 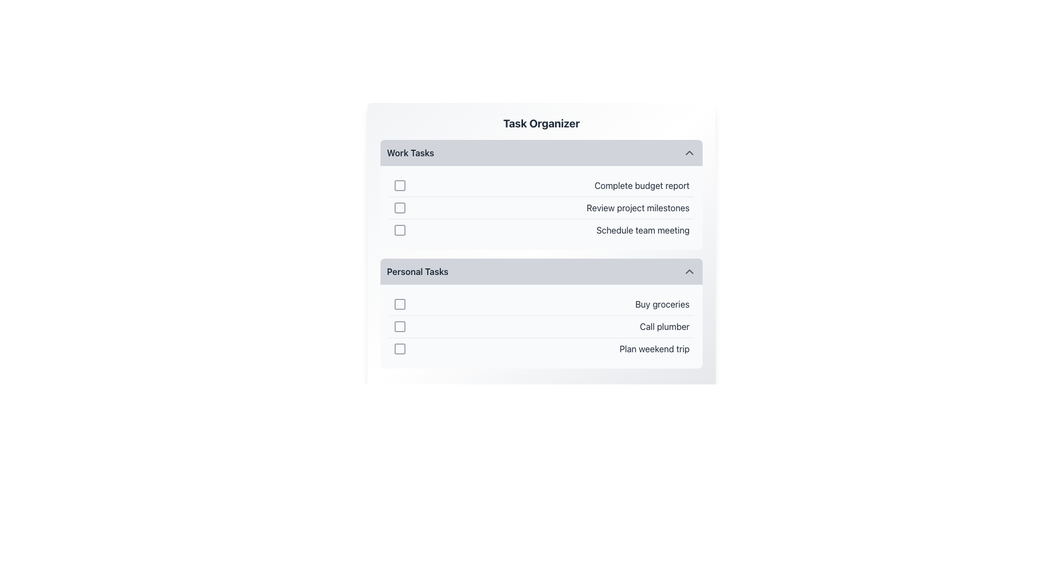 I want to click on the checkbox for the task 'Plan weekend trip' located in the 'Personal Tasks' section, so click(x=399, y=348).